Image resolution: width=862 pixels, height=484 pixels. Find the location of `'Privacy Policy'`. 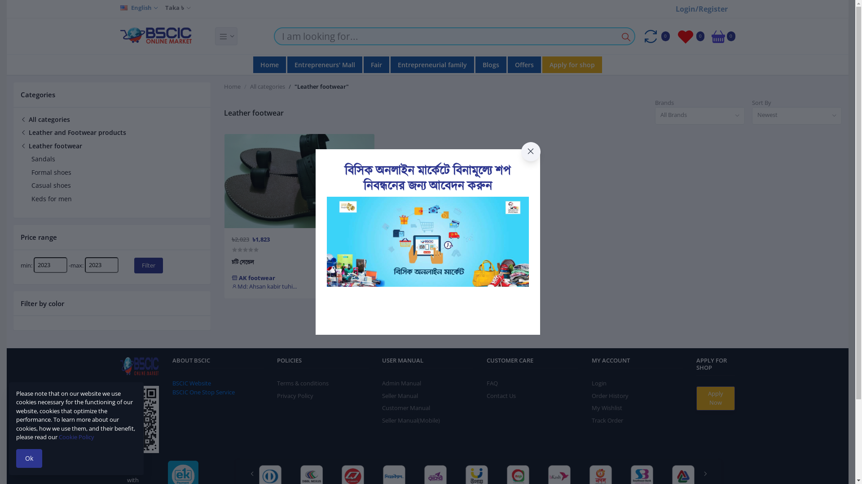

'Privacy Policy' is located at coordinates (295, 395).